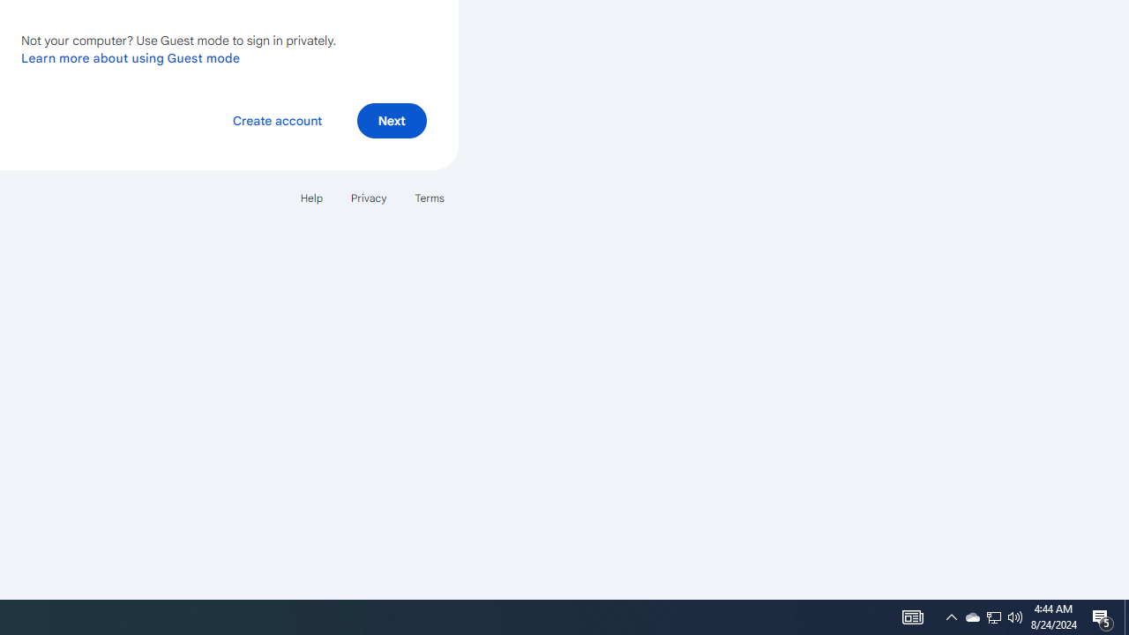 This screenshot has width=1129, height=635. What do you see at coordinates (130, 56) in the screenshot?
I see `'Learn more about using Guest mode'` at bounding box center [130, 56].